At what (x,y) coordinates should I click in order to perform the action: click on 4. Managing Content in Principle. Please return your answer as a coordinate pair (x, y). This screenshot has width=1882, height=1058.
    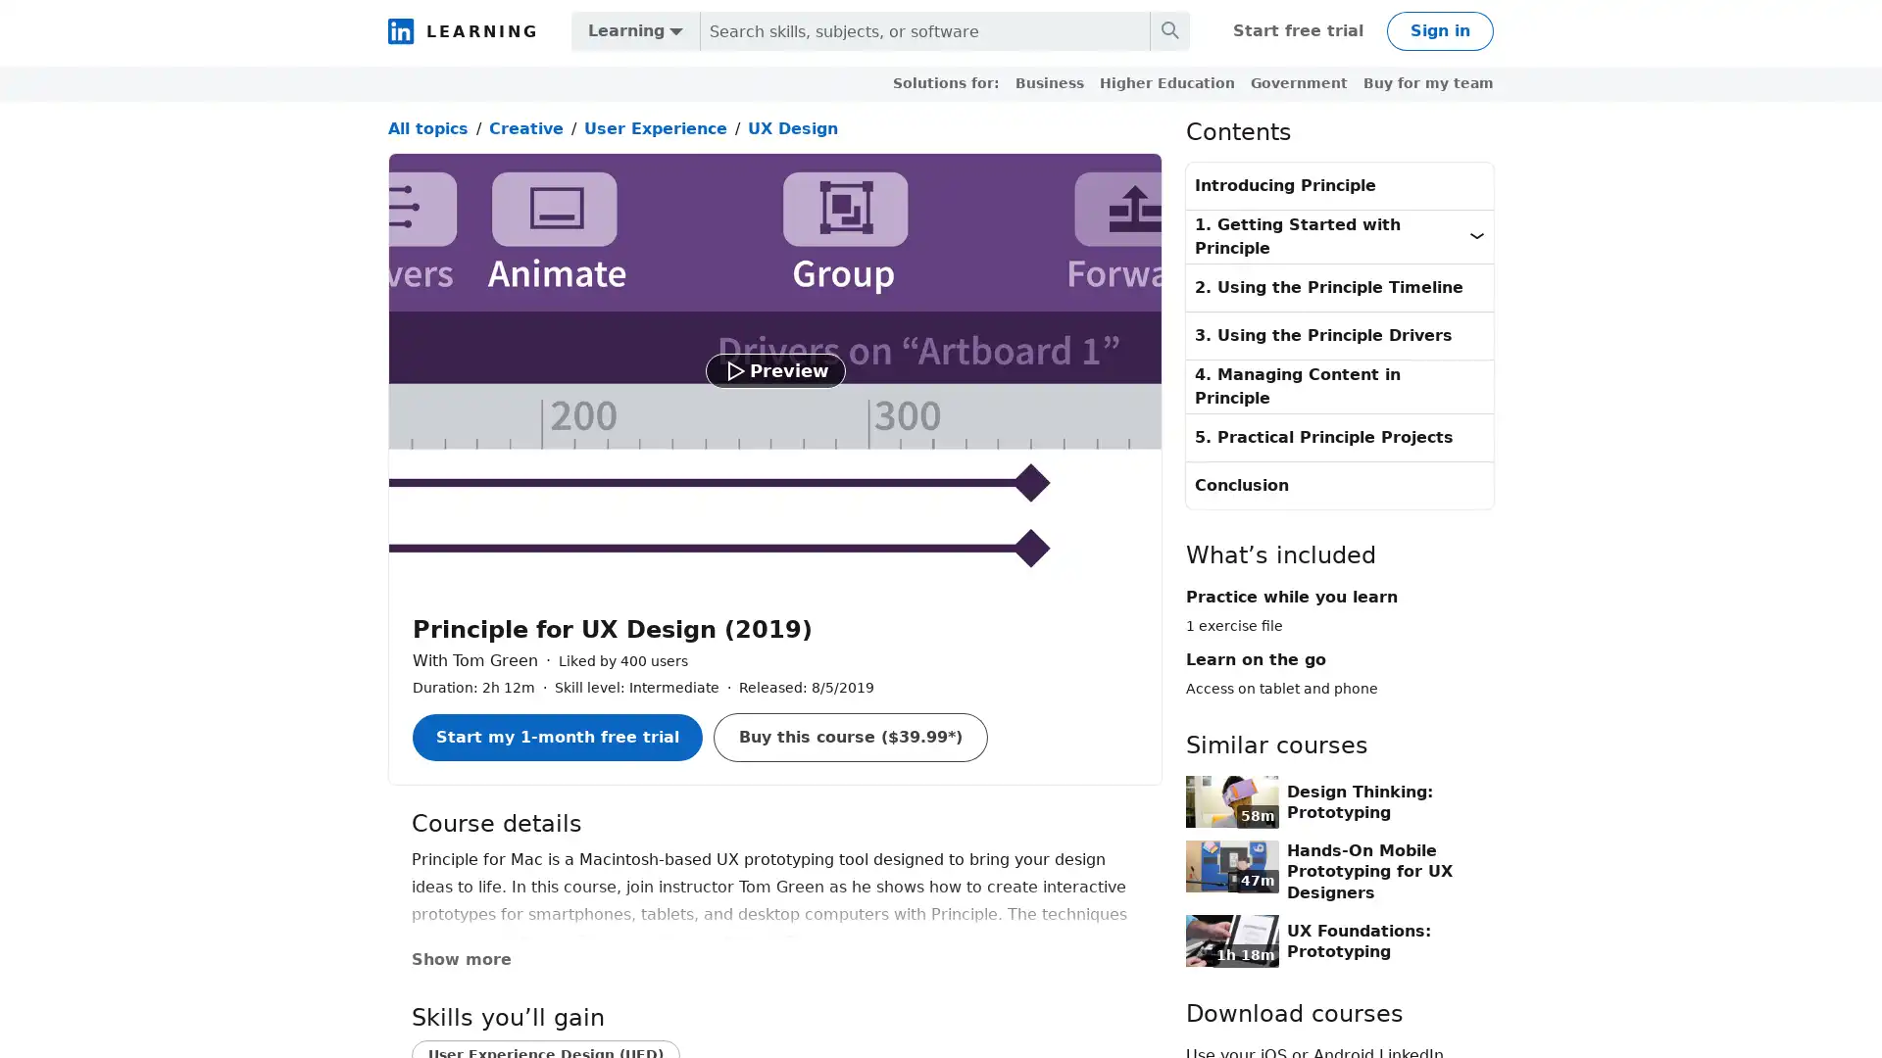
    Looking at the image, I should click on (1339, 385).